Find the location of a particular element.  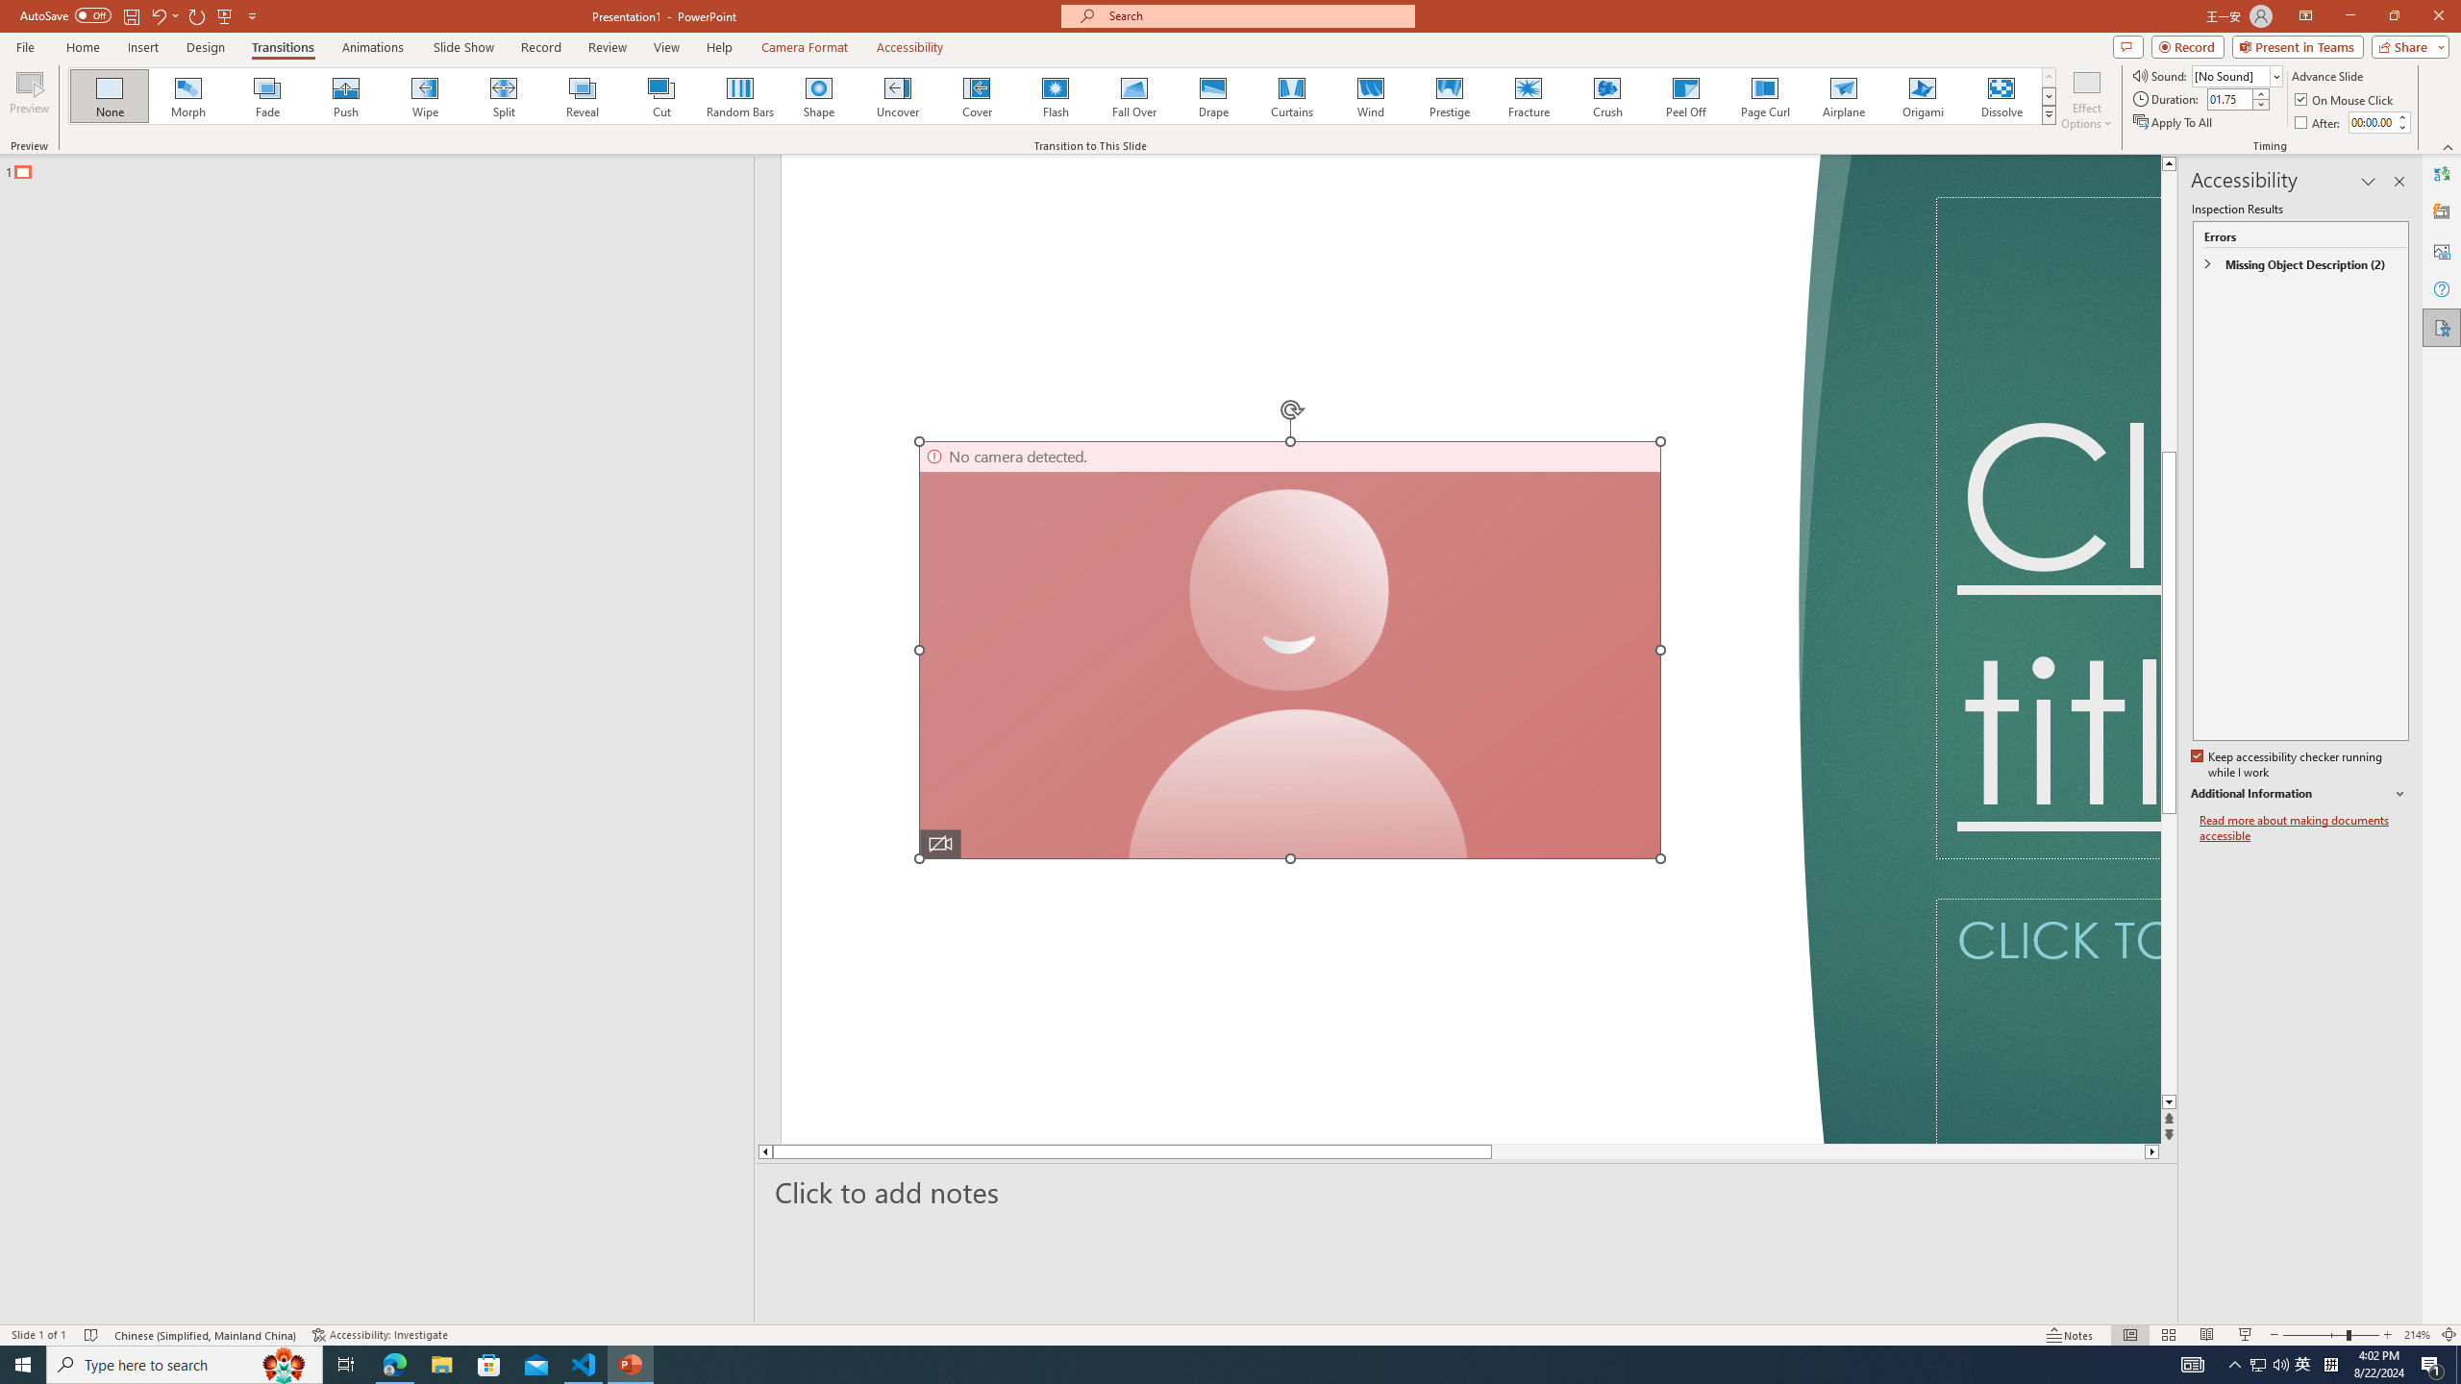

'Undo' is located at coordinates (163, 14).